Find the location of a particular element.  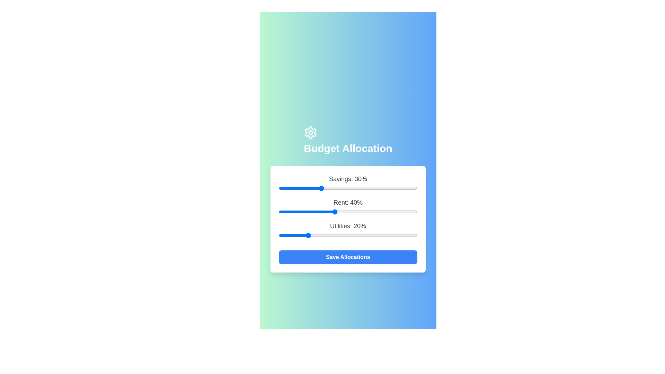

the 'Utilities' slider to allocate 4% of the budget is located at coordinates (284, 235).